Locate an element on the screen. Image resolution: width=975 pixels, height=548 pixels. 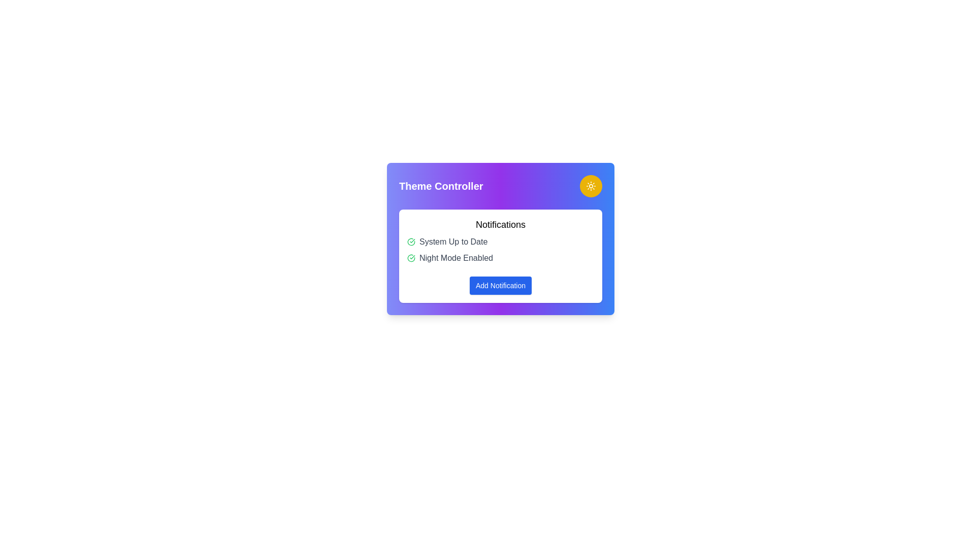
the sun symbol icon within the yellow rounded button located at the top-right corner of the gradient card labeled 'Theme Controller' is located at coordinates (591, 186).